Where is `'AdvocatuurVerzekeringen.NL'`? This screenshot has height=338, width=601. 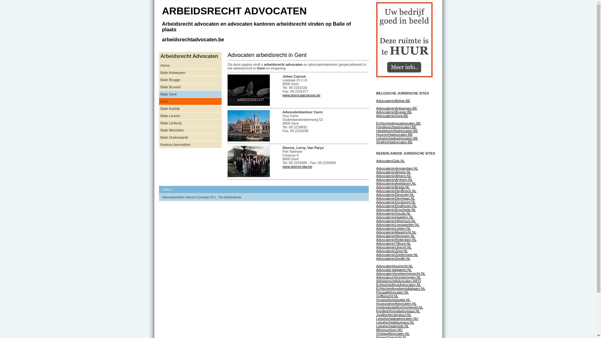
'AdvocatuurVerzekeringen.NL' is located at coordinates (398, 277).